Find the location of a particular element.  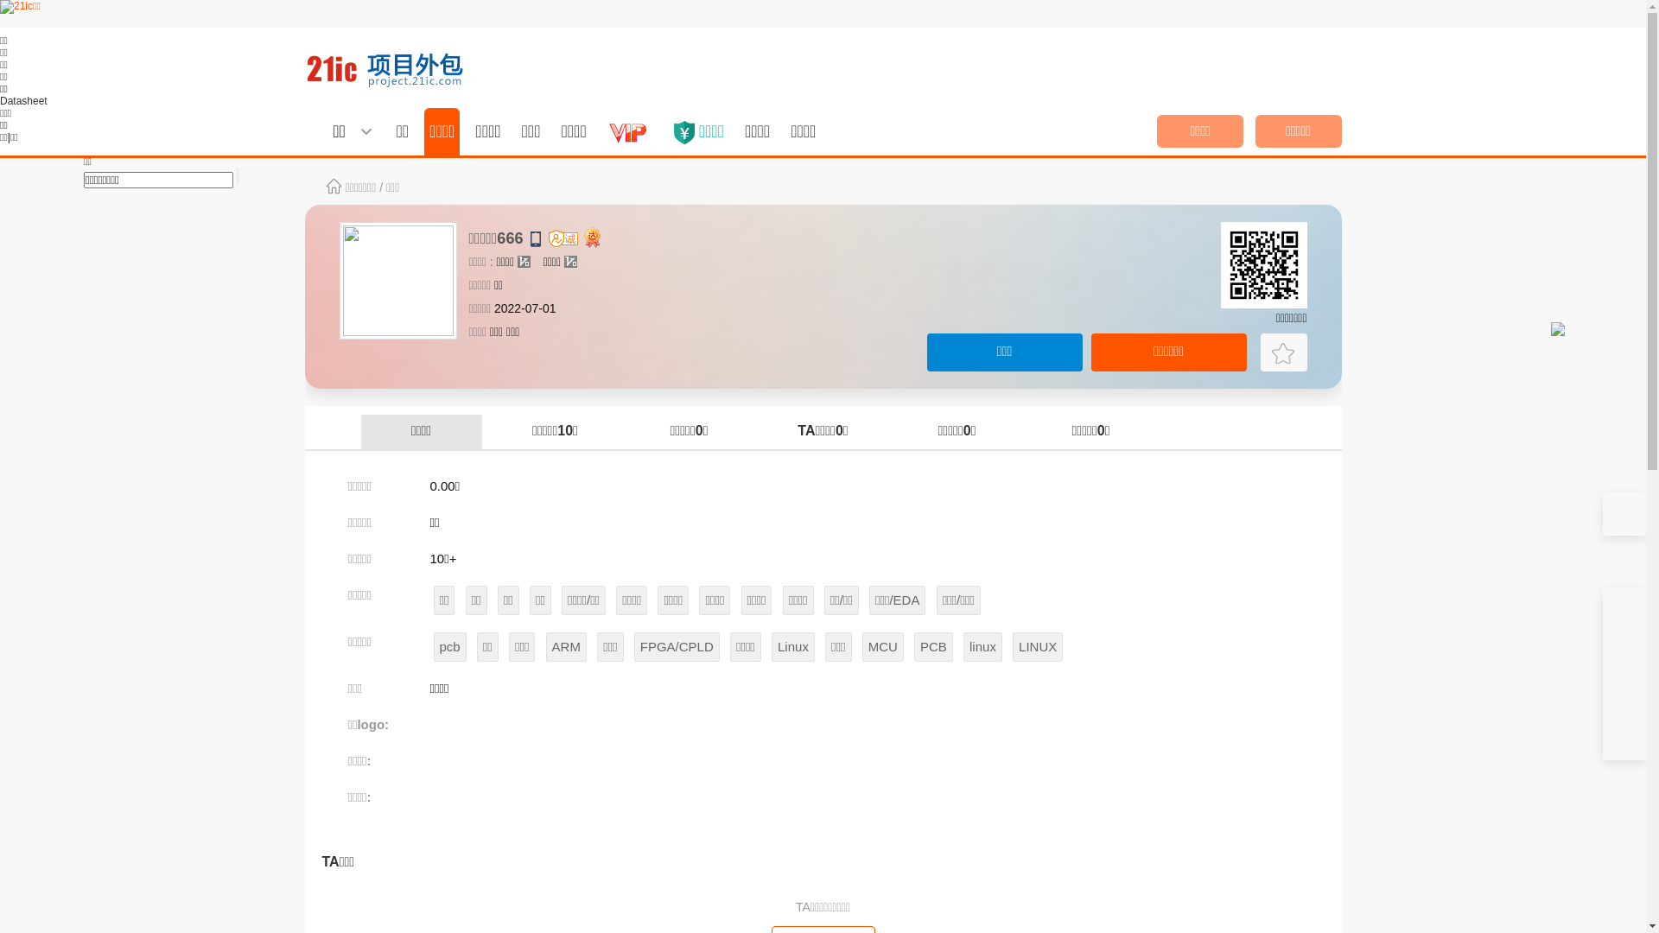

'MCU' is located at coordinates (883, 646).